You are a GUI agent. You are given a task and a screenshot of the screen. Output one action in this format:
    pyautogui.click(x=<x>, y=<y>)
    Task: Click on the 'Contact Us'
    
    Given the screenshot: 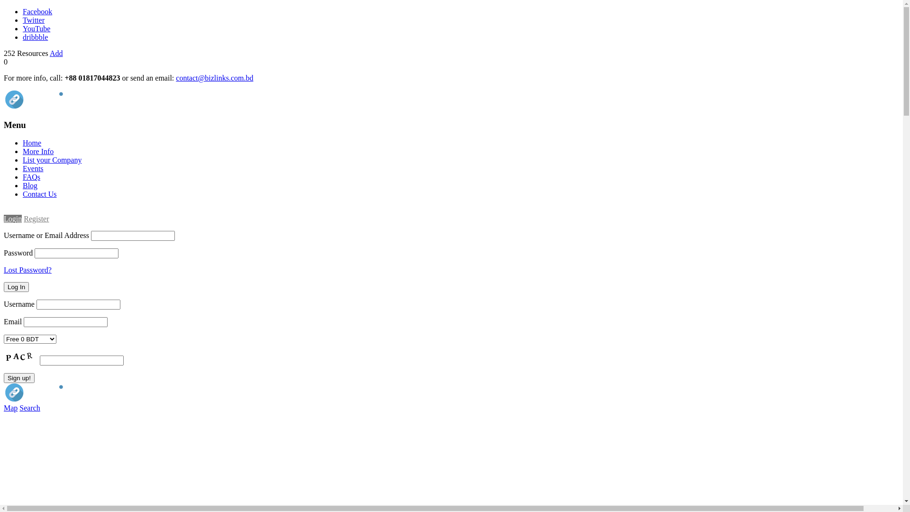 What is the action you would take?
    pyautogui.click(x=39, y=193)
    